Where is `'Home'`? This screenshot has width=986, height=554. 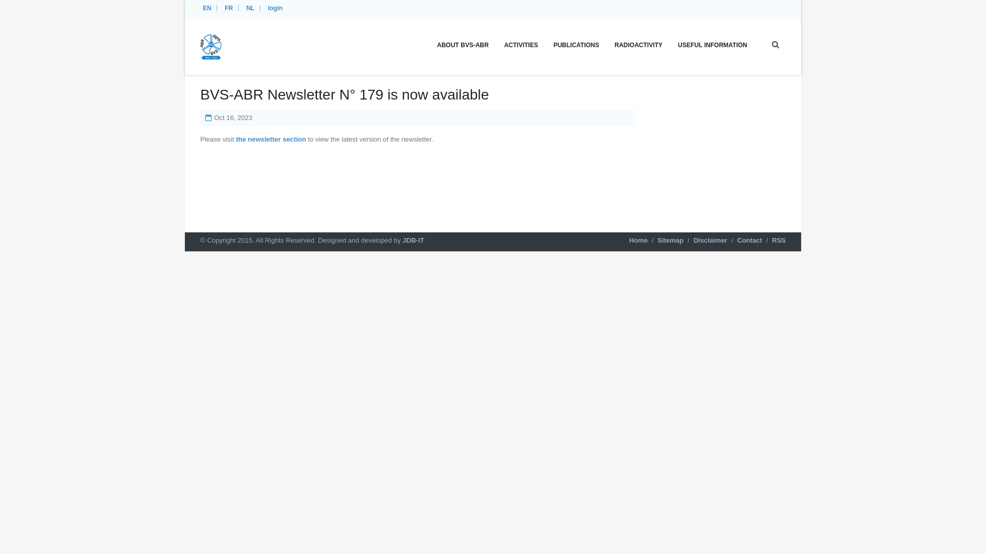
'Home' is located at coordinates (638, 240).